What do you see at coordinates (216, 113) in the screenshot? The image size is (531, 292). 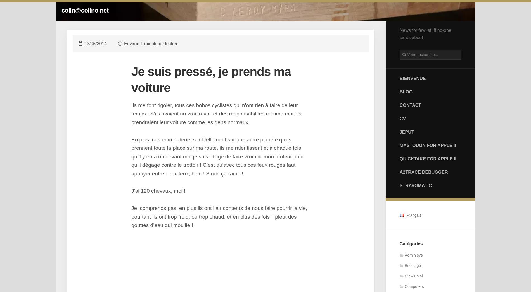 I see `'Ils me font rigoler, tous ces bobos cyclistes qui n’ont rien à faire de leur temps ! S’ils avaient un vrai travail et des responsabilités comme moi, ils prendraient leur voiture comme les gens normaux.'` at bounding box center [216, 113].